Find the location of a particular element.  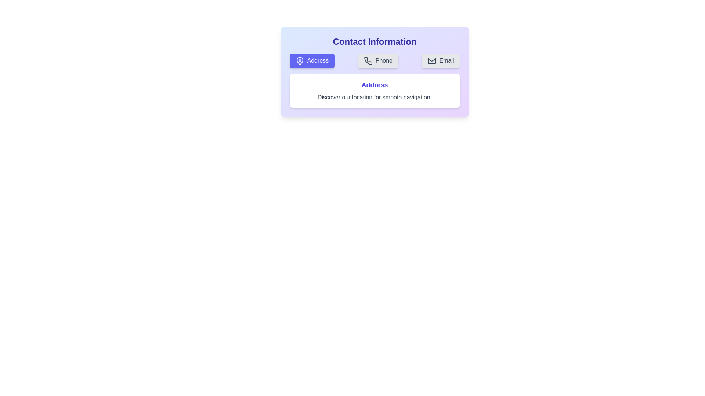

the Phone tab button to switch to the corresponding tab is located at coordinates (378, 60).